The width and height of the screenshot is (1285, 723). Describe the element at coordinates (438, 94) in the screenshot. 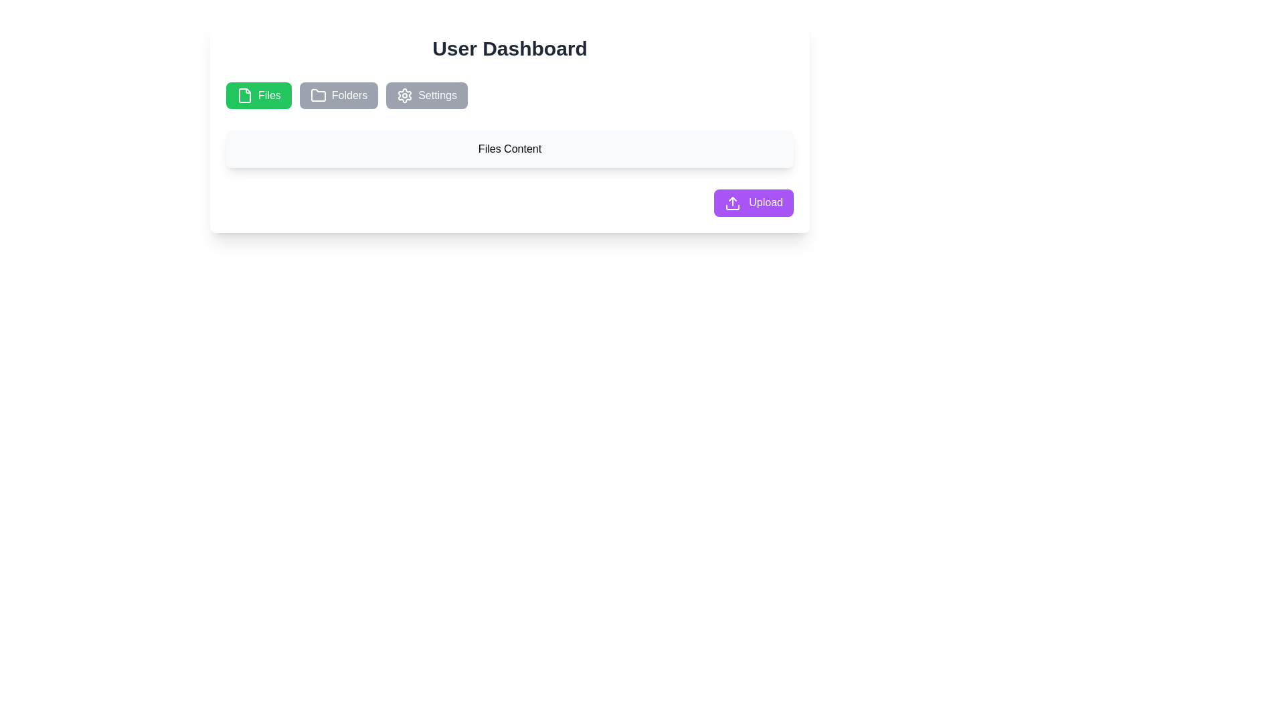

I see `the 'Settings' text label within the button, which is styled in white font against a gray background, located at the right end of the button bar` at that location.